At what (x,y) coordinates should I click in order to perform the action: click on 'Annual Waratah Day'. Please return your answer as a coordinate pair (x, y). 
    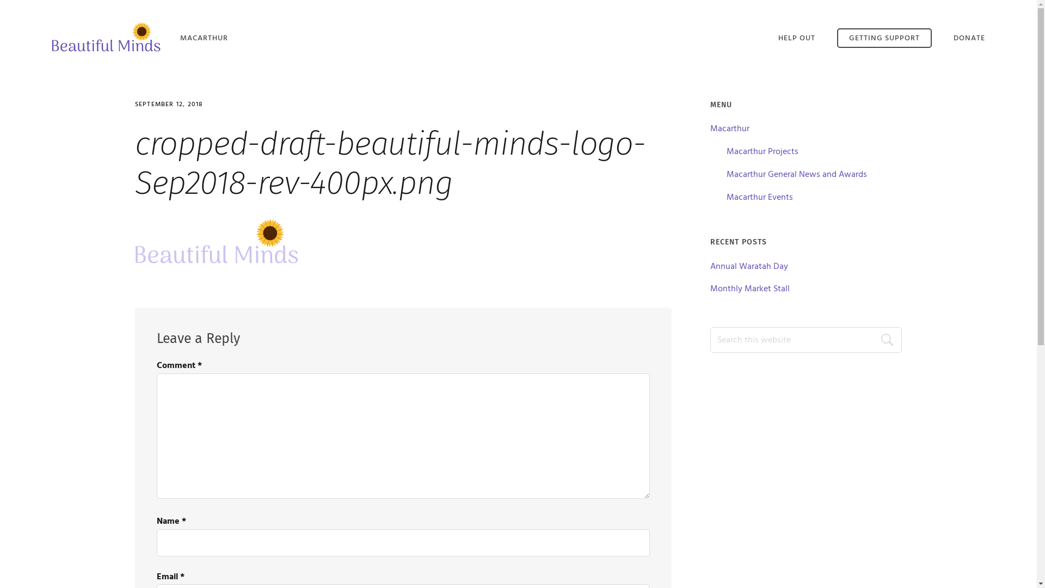
    Looking at the image, I should click on (748, 266).